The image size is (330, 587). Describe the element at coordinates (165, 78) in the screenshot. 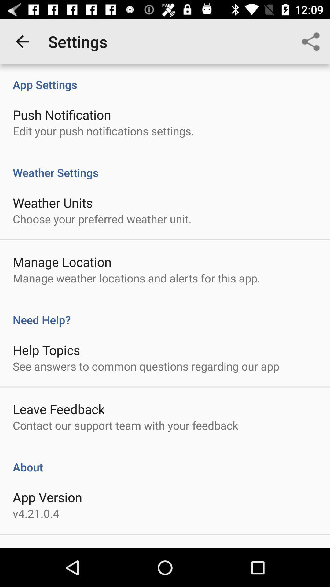

I see `app settings icon` at that location.